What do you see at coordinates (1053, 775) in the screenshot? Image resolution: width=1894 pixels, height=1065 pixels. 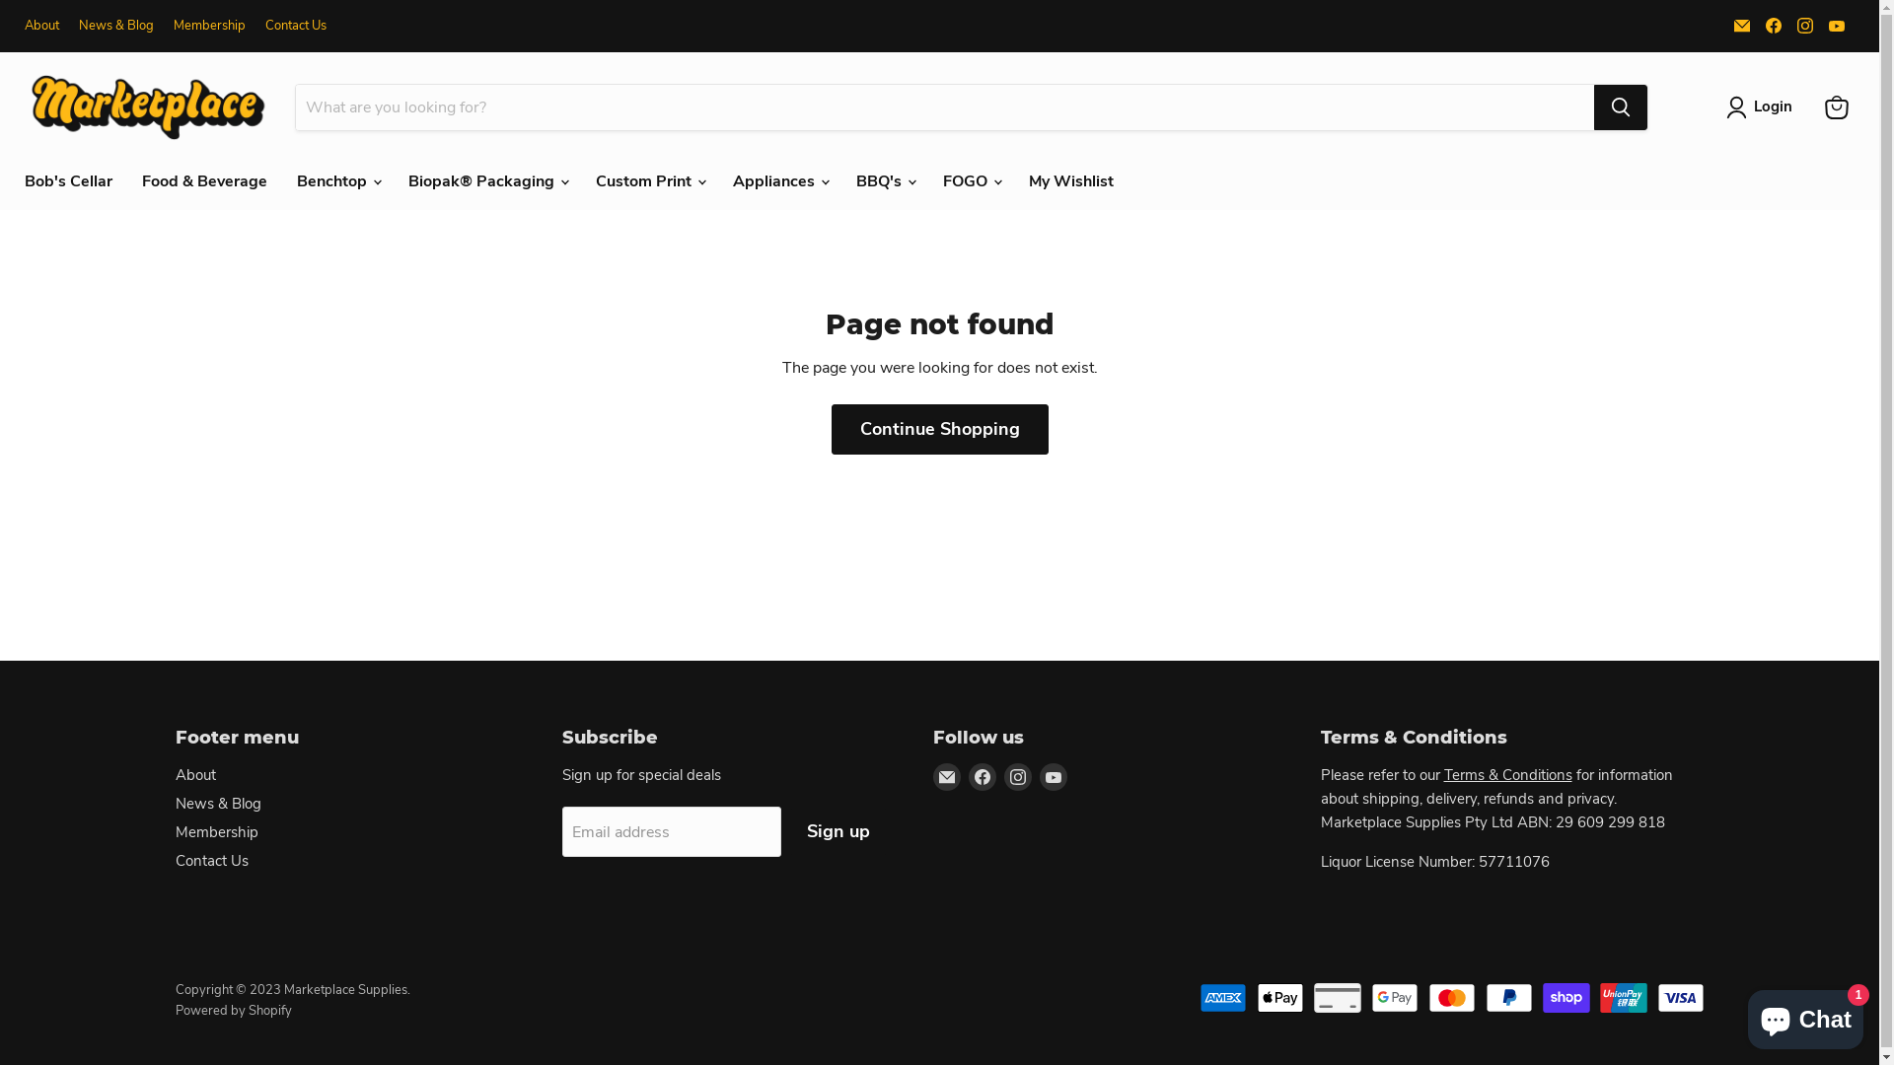 I see `'Find us on YouTube'` at bounding box center [1053, 775].